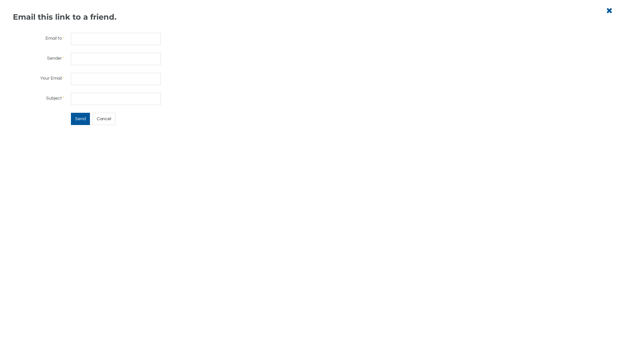  Describe the element at coordinates (606, 11) in the screenshot. I see `'Close Window'` at that location.